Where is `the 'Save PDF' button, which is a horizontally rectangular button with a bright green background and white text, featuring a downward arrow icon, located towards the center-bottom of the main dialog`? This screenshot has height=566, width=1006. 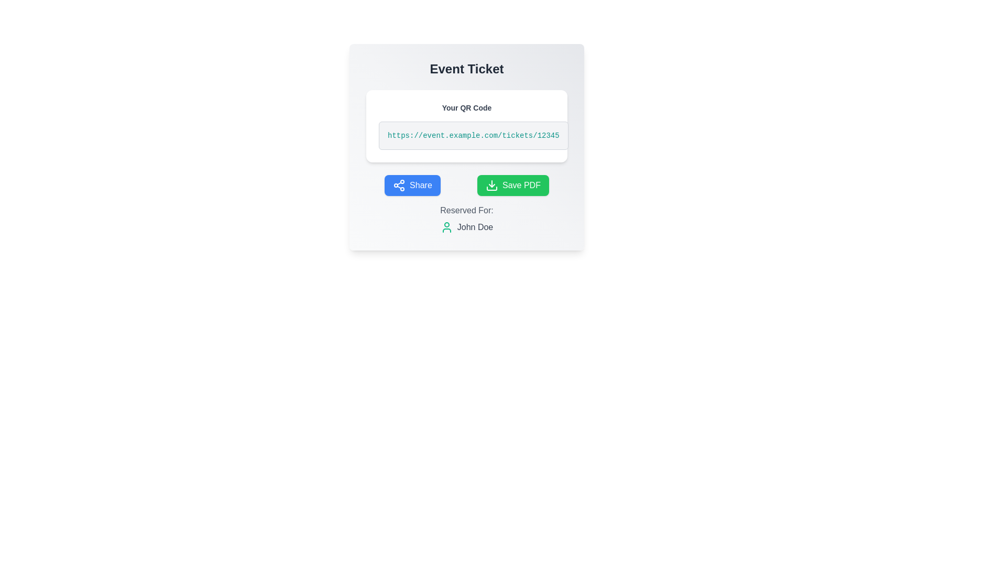
the 'Save PDF' button, which is a horizontally rectangular button with a bright green background and white text, featuring a downward arrow icon, located towards the center-bottom of the main dialog is located at coordinates (513, 185).